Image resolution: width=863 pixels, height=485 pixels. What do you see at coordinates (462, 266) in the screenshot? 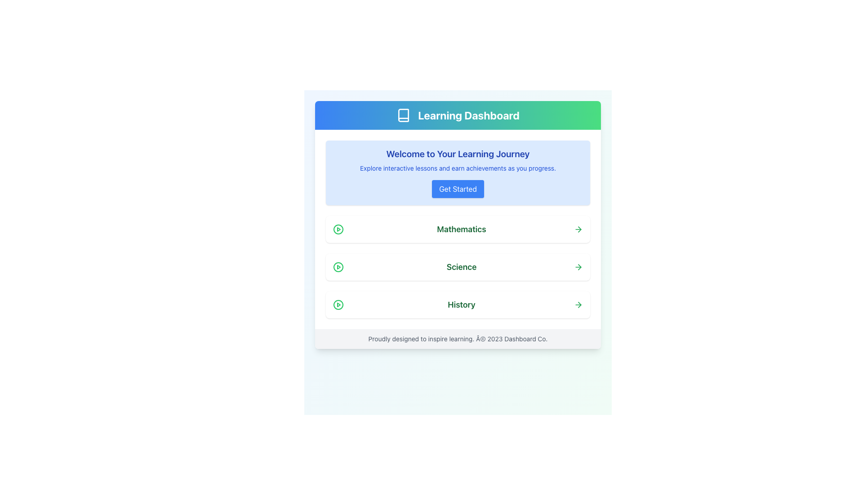
I see `the 'Science' text label in the learning dashboard to assist users in navigating to related content` at bounding box center [462, 266].